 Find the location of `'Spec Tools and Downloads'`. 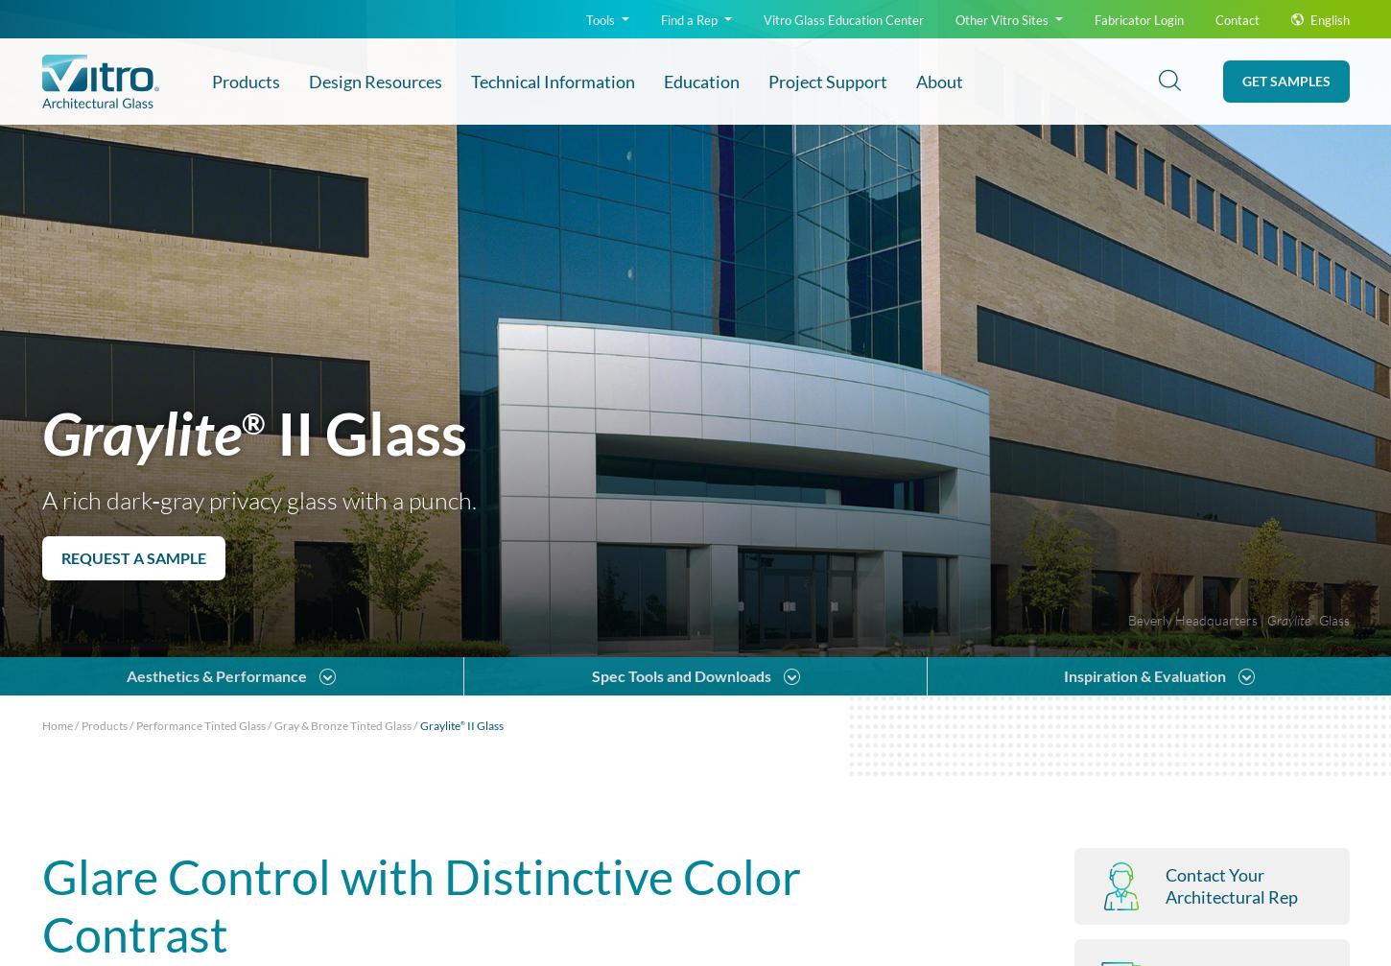

'Spec Tools and Downloads' is located at coordinates (179, 188).